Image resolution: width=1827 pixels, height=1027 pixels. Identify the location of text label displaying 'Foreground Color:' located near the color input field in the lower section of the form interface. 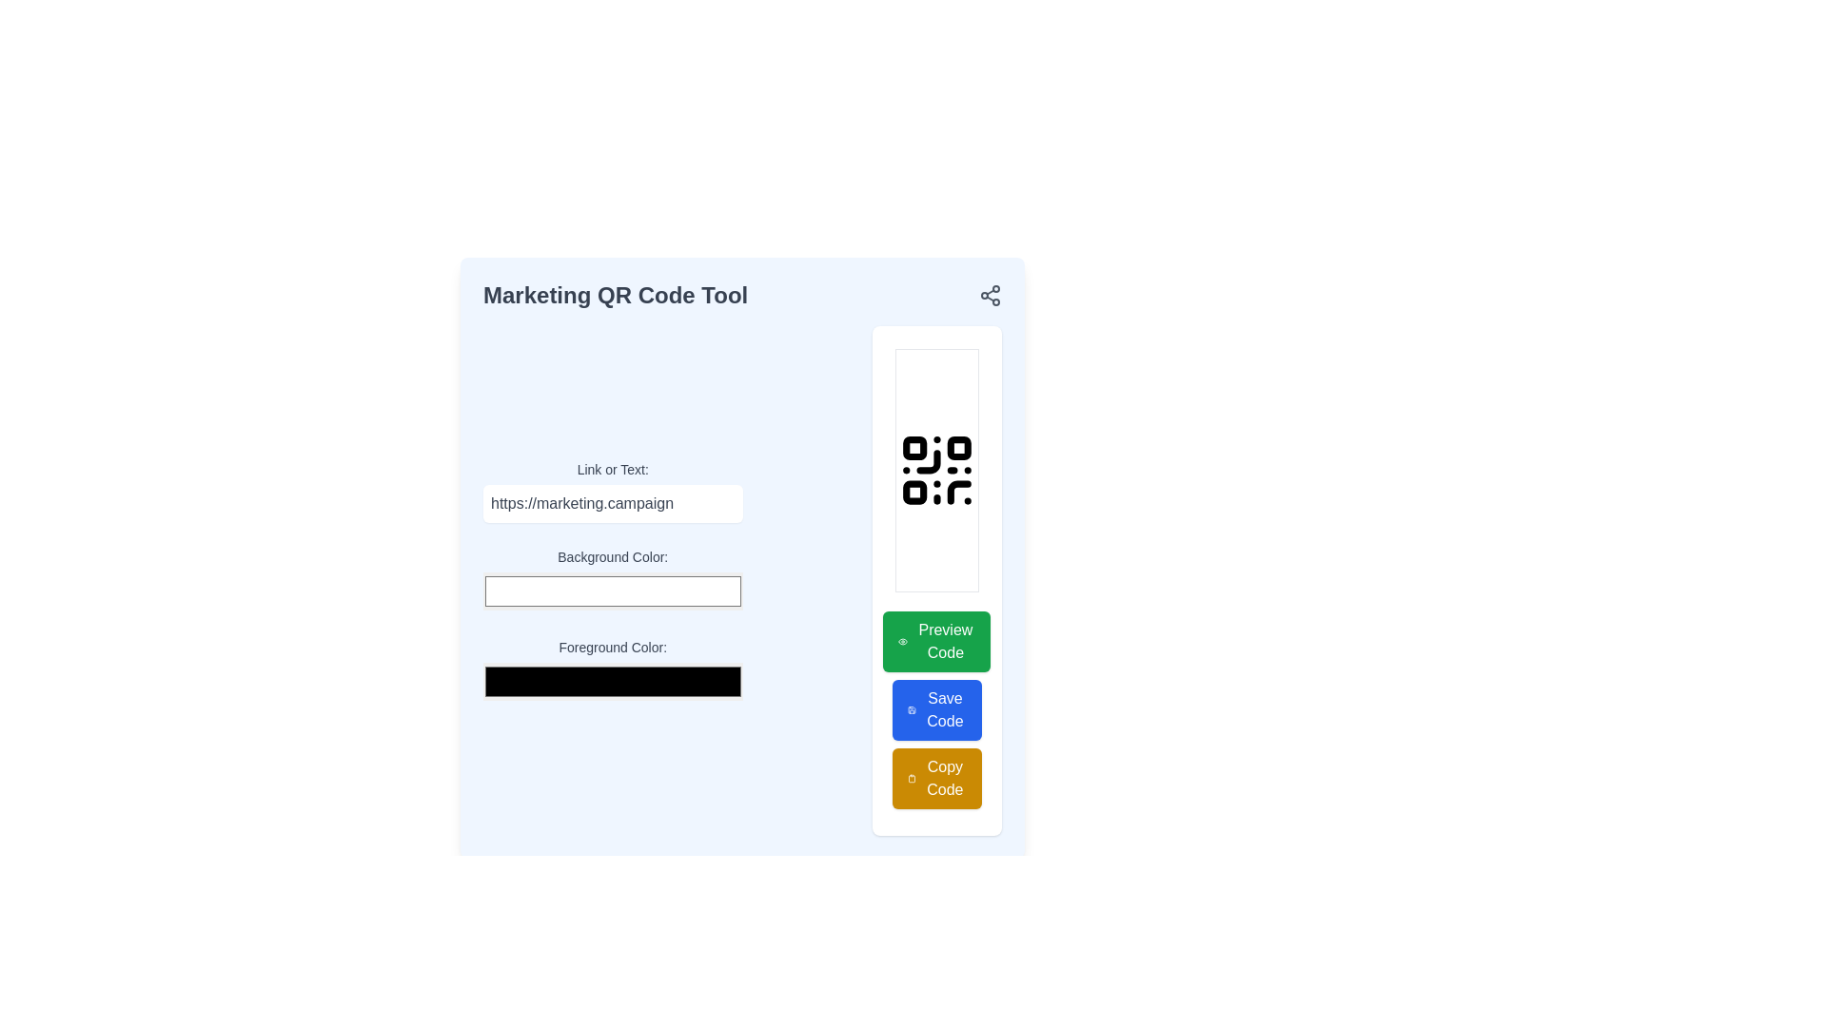
(613, 647).